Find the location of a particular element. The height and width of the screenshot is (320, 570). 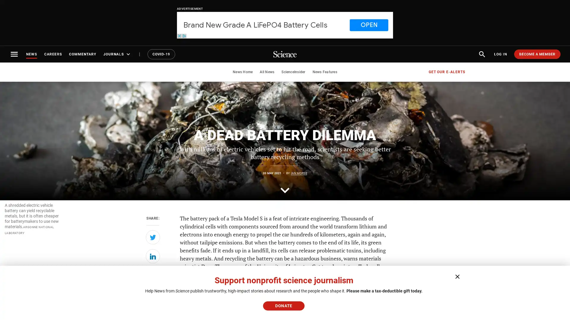

Toggle navigation is located at coordinates (14, 54).